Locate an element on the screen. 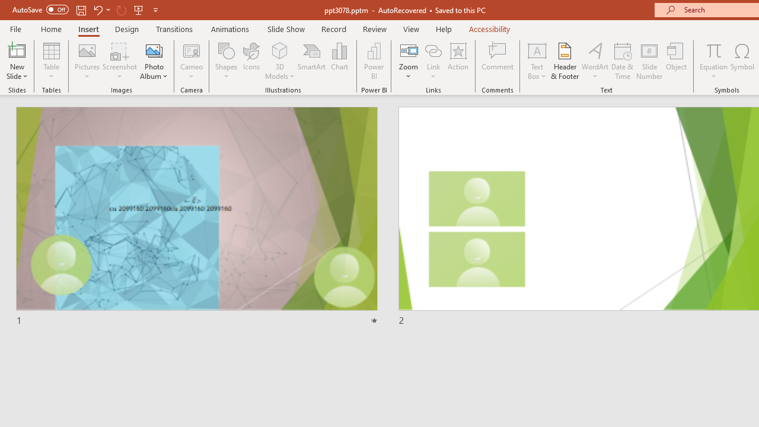 The width and height of the screenshot is (759, 427). 'Power BI' is located at coordinates (374, 61).